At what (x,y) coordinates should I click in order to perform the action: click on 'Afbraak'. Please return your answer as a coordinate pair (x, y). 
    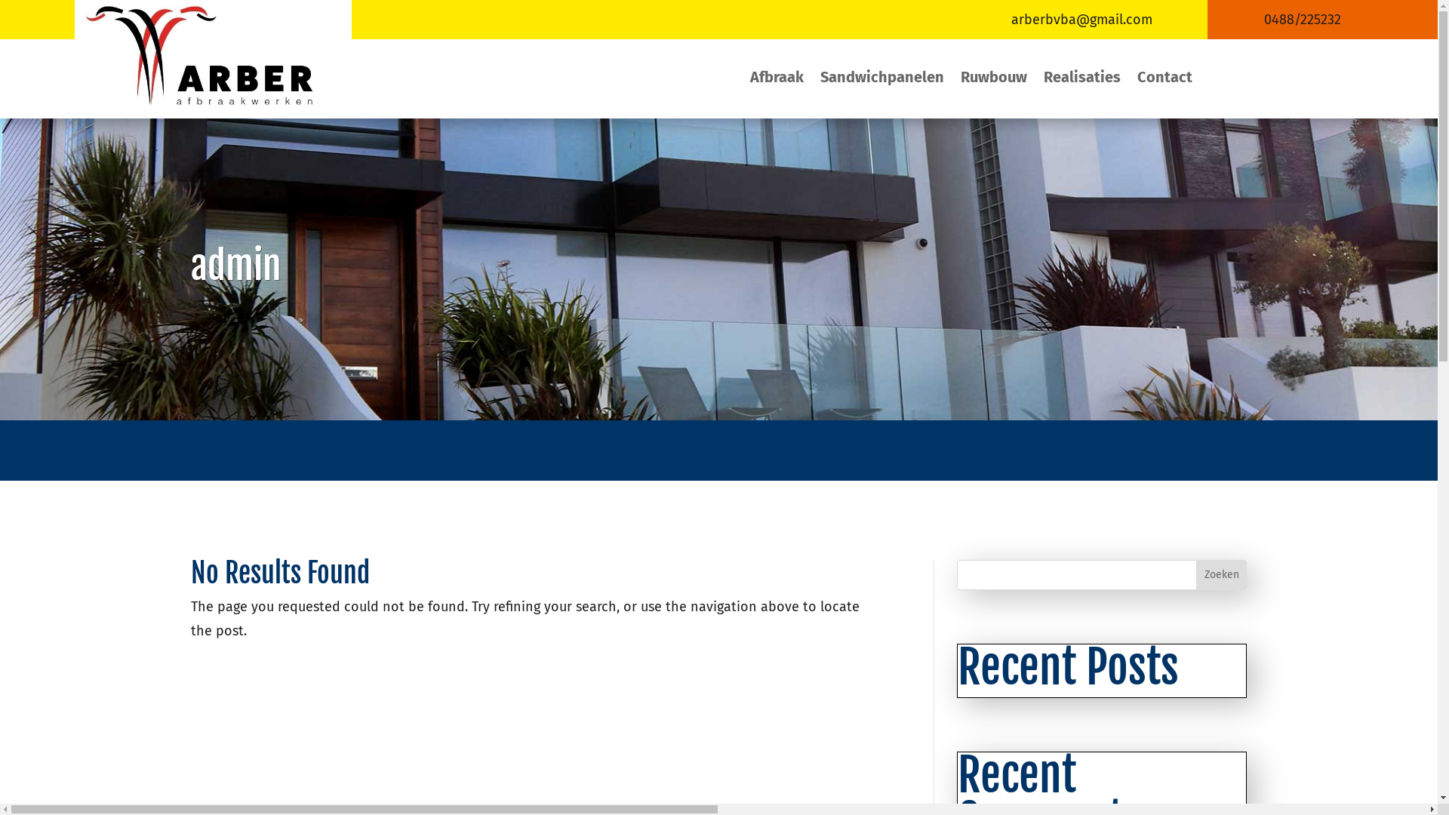
    Looking at the image, I should click on (749, 79).